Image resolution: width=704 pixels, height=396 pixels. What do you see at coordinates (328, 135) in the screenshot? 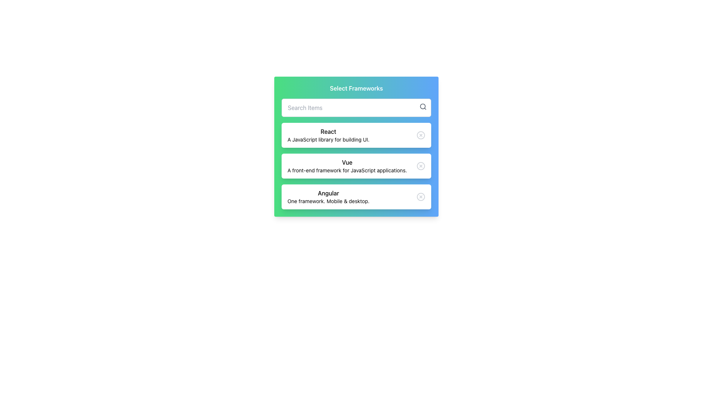
I see `the 'React' text block element, which is the first card in a vertical list of framework cards, to make a selection` at bounding box center [328, 135].